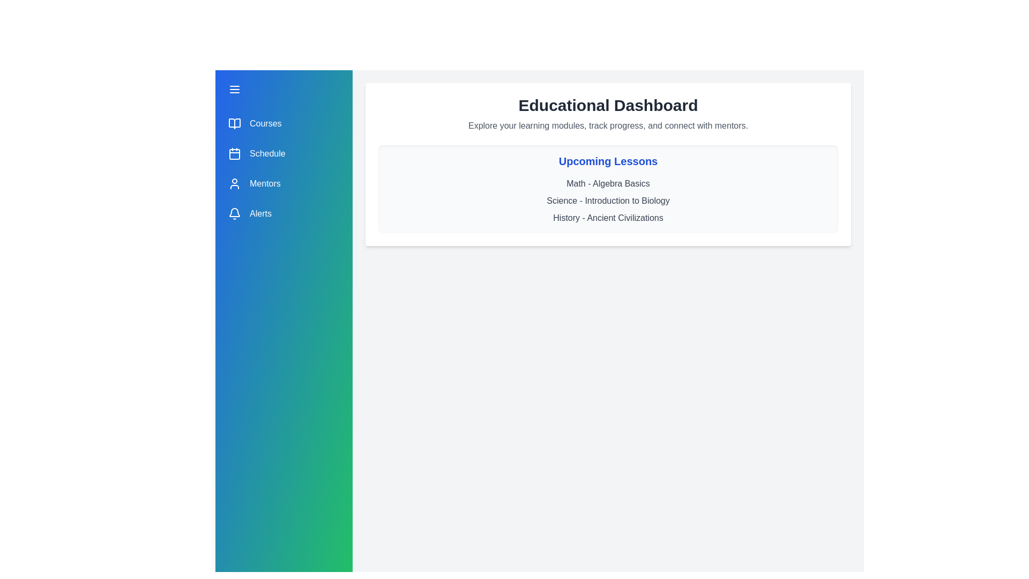 The height and width of the screenshot is (579, 1029). Describe the element at coordinates (284, 153) in the screenshot. I see `the menu item Schedule from the drawer` at that location.